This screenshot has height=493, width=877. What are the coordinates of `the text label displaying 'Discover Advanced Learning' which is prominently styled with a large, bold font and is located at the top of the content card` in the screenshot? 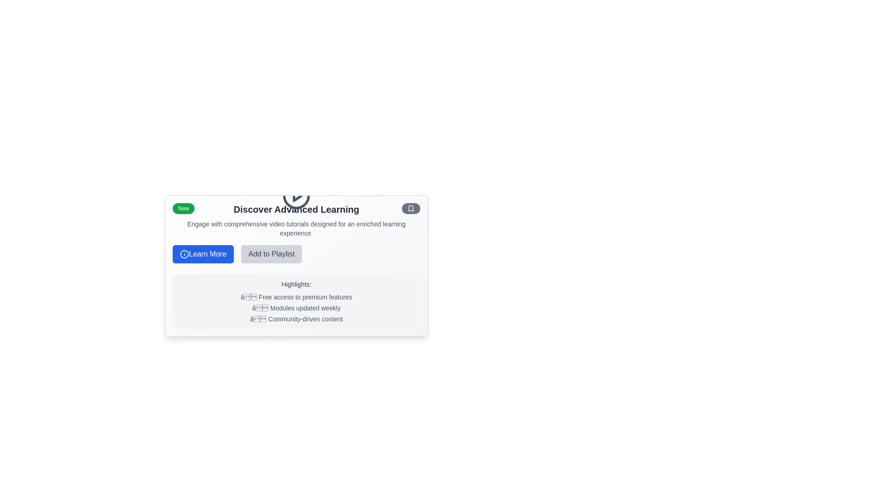 It's located at (296, 210).